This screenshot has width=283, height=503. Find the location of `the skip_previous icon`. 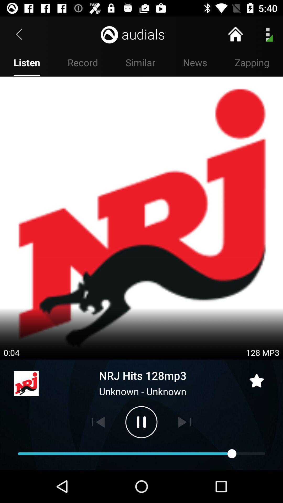

the skip_previous icon is located at coordinates (98, 422).